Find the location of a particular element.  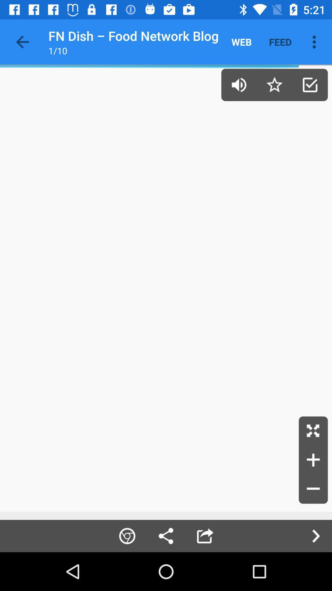

zoom out the page is located at coordinates (313, 489).